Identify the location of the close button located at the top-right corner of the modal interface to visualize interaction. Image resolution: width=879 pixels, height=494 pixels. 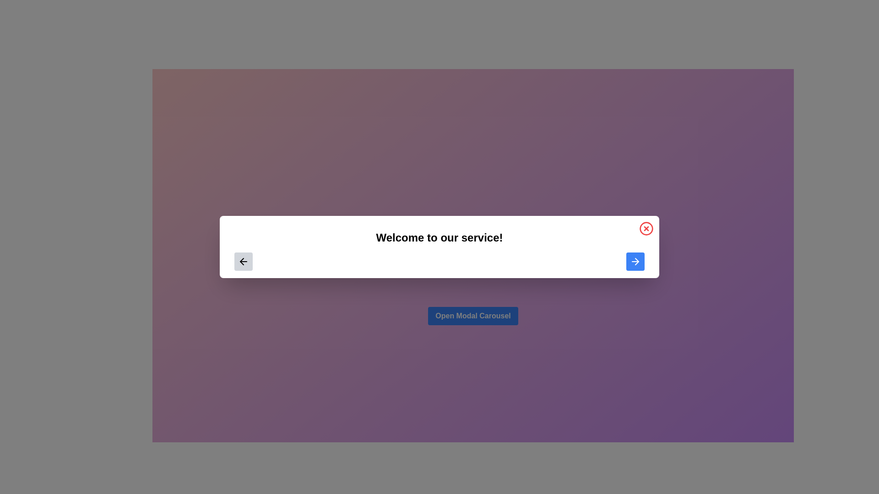
(646, 228).